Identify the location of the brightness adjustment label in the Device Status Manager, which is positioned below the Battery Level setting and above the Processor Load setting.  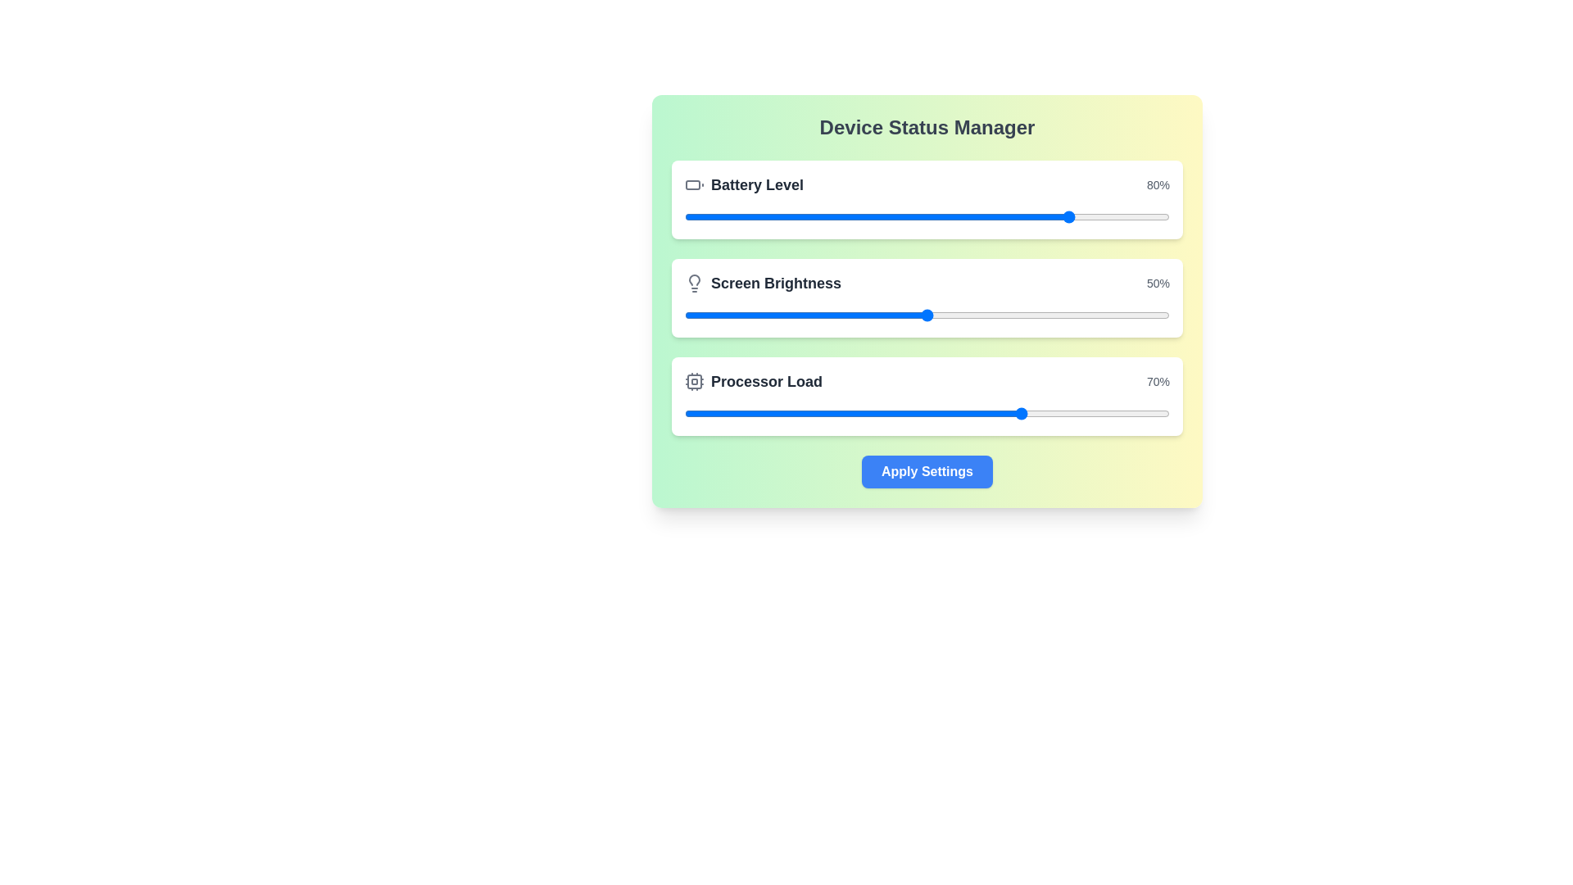
(762, 283).